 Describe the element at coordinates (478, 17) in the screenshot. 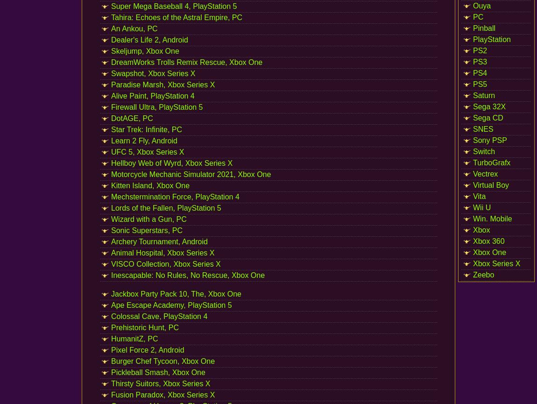

I see `'PC'` at that location.